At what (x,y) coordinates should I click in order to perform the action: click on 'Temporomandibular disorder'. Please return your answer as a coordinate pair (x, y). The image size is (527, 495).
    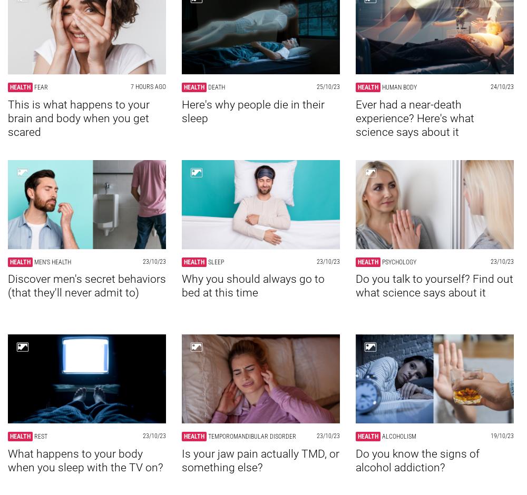
    Looking at the image, I should click on (251, 435).